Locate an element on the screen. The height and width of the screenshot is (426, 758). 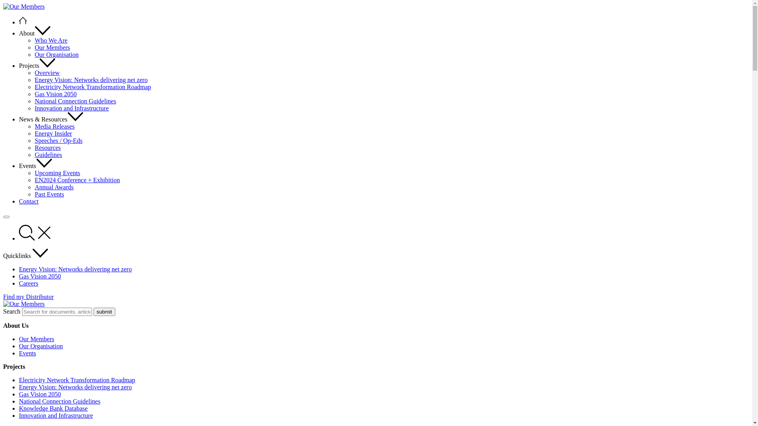
'Careers' is located at coordinates (28, 283).